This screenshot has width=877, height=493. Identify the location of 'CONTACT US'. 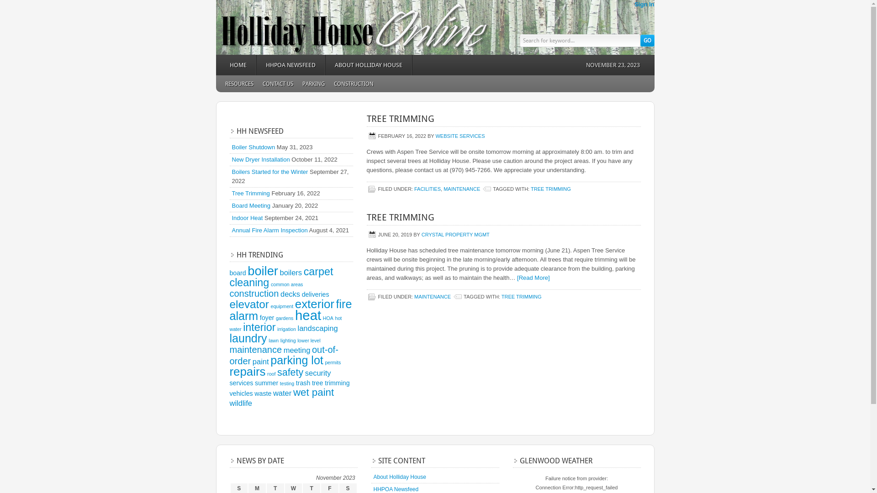
(257, 84).